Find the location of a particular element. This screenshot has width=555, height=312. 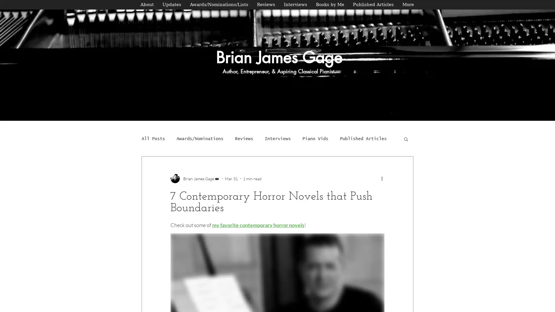

More actions is located at coordinates (384, 178).